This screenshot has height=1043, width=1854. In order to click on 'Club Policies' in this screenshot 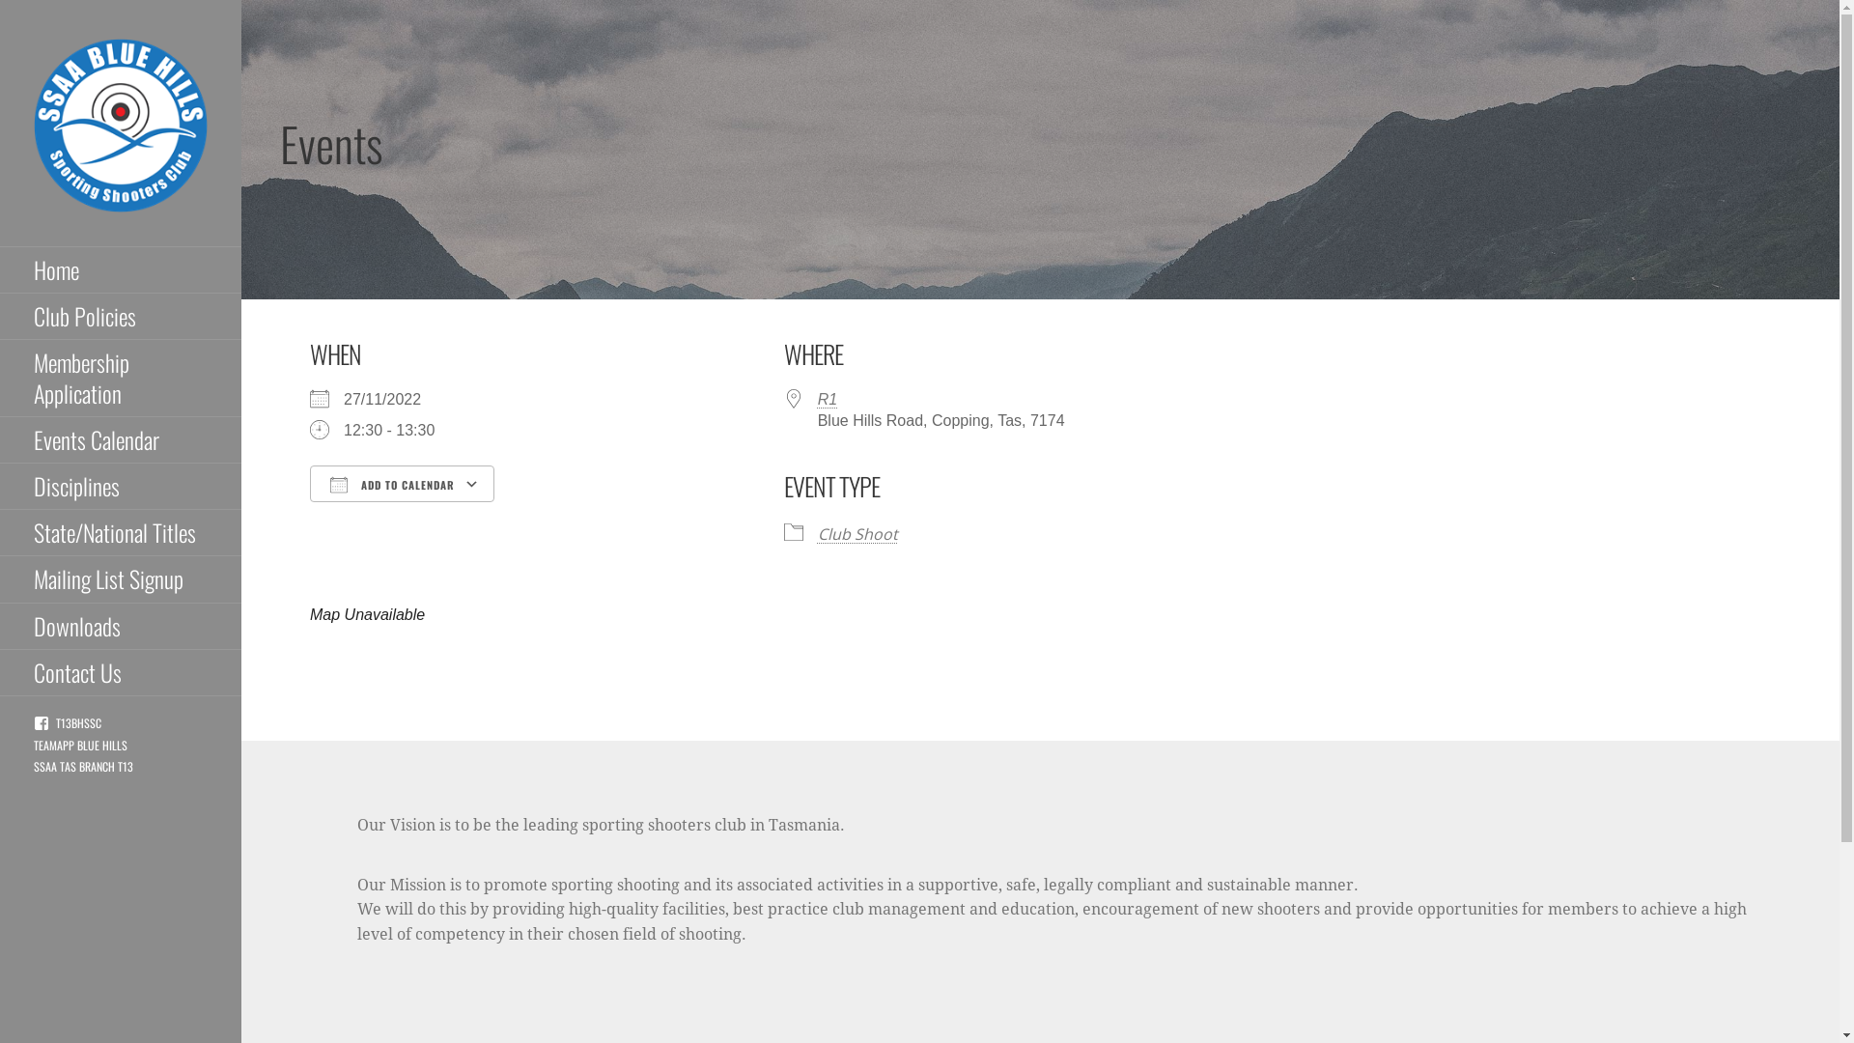, I will do `click(119, 315)`.